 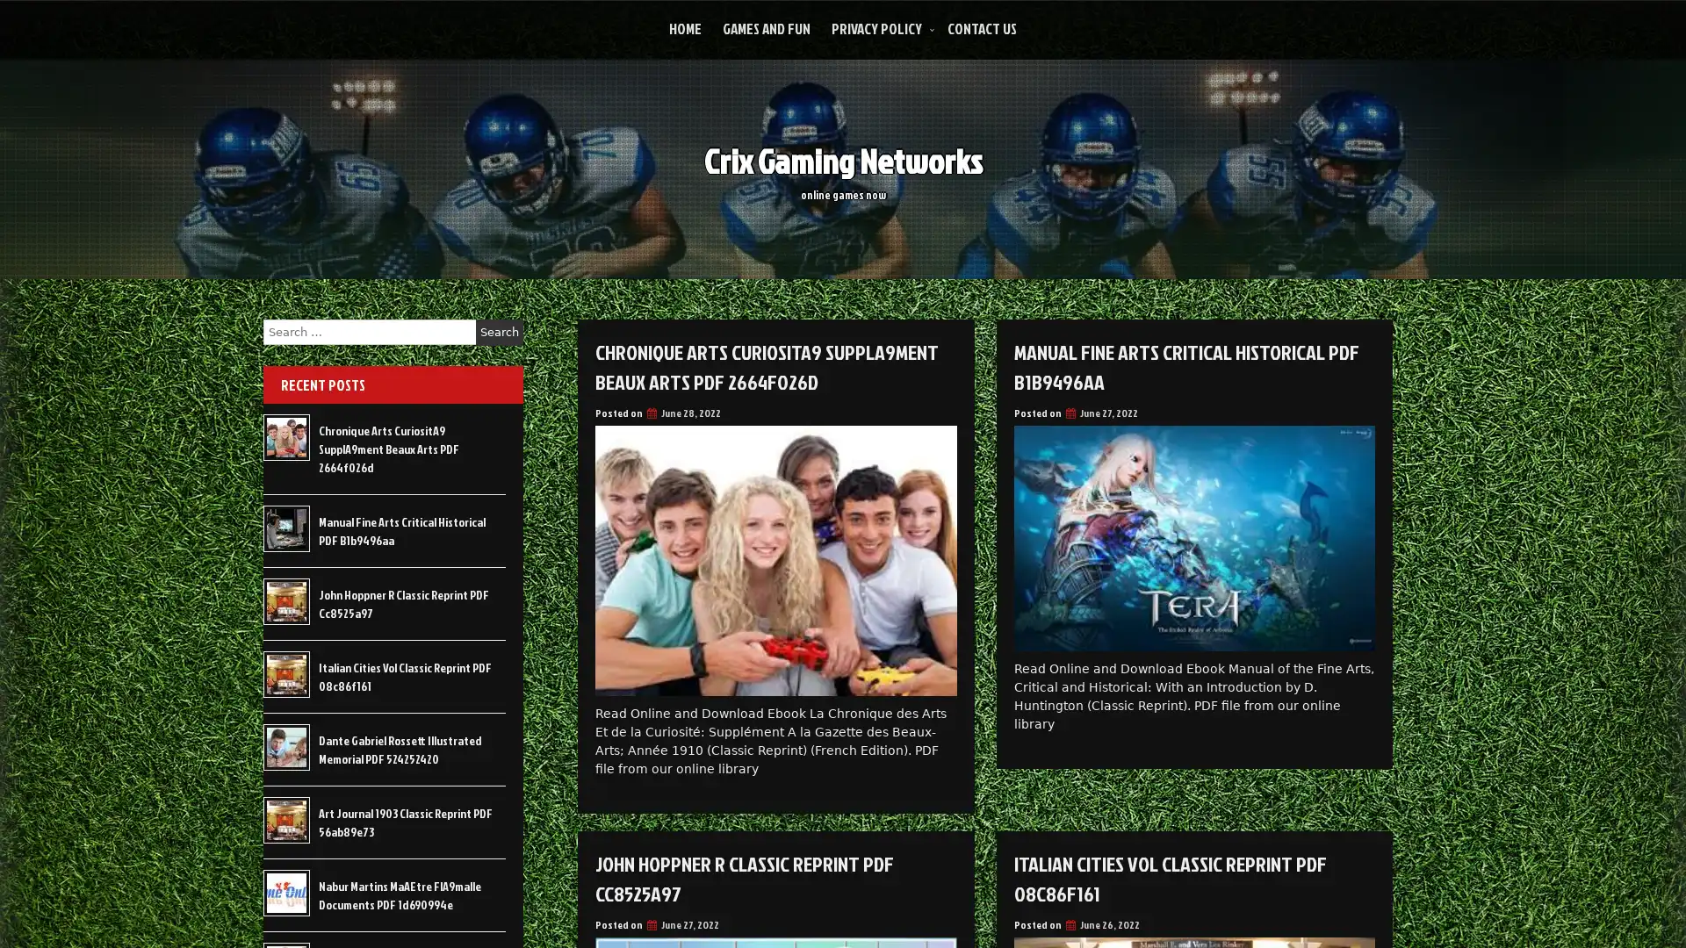 I want to click on Search, so click(x=499, y=332).